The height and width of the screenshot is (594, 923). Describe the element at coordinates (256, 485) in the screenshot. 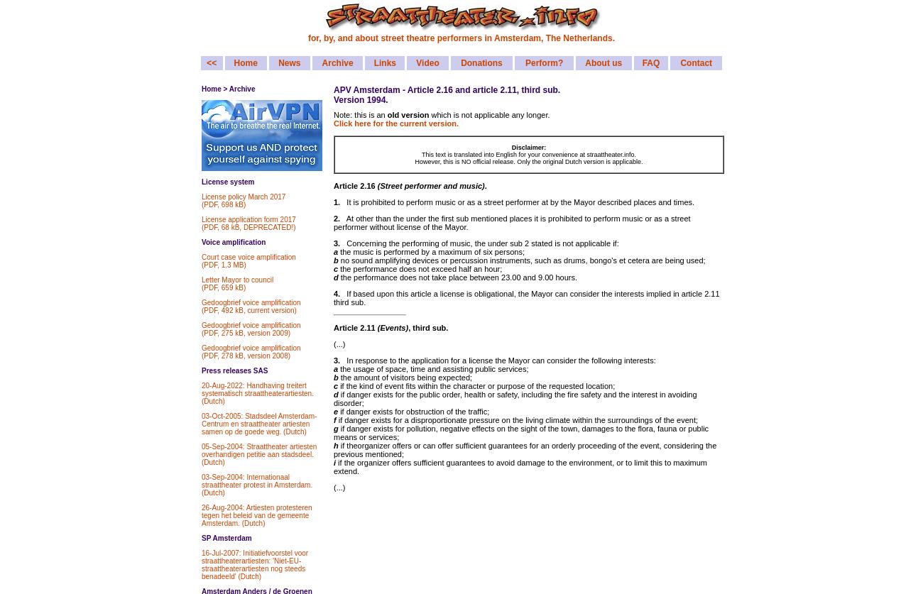

I see `'03-Sep-2004: Internationaal straattheater protest in Amsterdam. (Dutch)'` at that location.